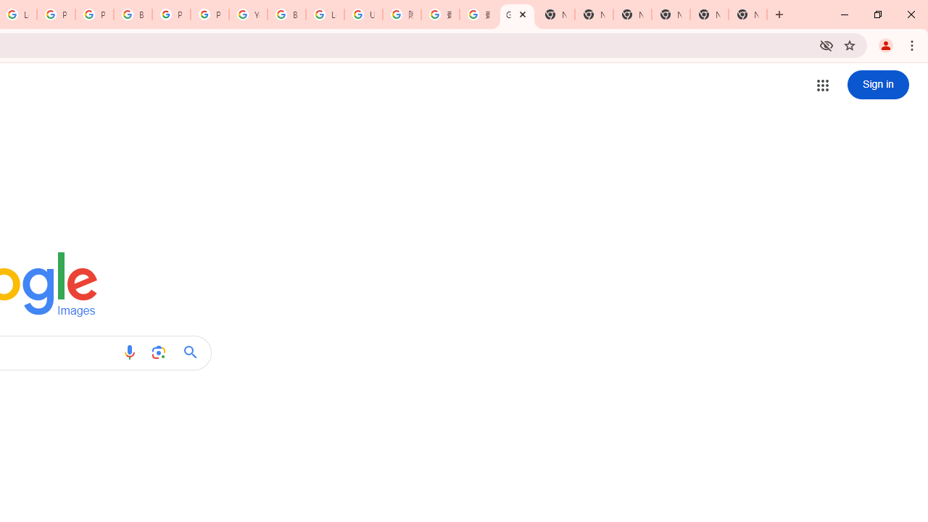 The width and height of the screenshot is (928, 522). Describe the element at coordinates (56, 14) in the screenshot. I see `'Privacy Help Center - Policies Help'` at that location.